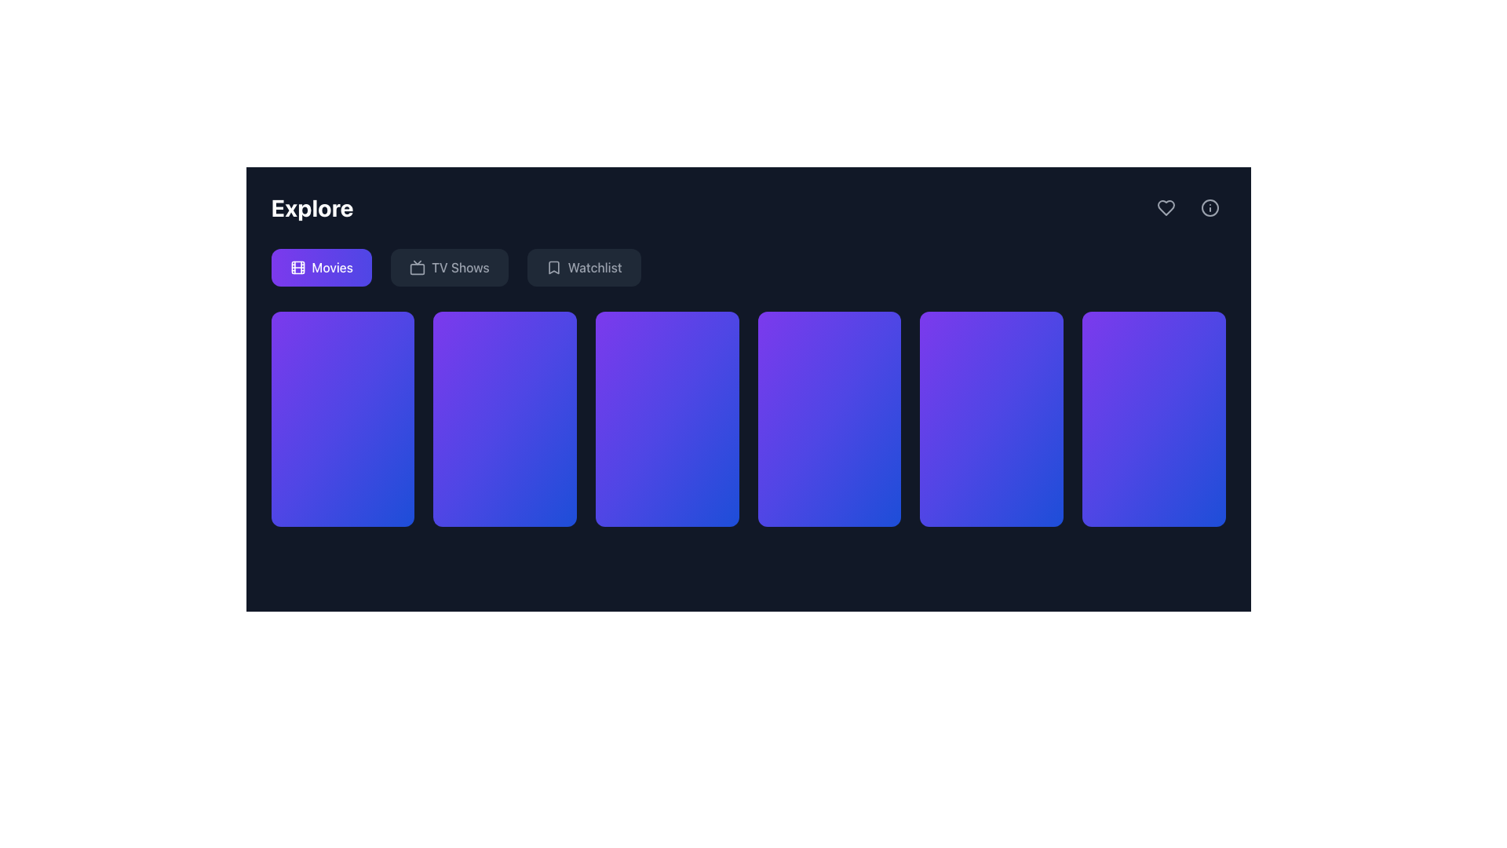 The height and width of the screenshot is (848, 1507). Describe the element at coordinates (1154, 418) in the screenshot. I see `the visual display tile or card, which is the last item in a row of six elements` at that location.